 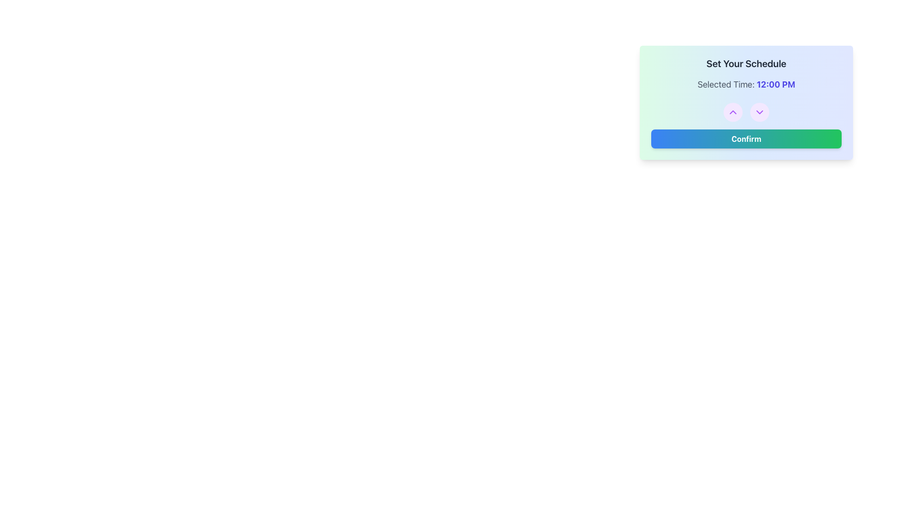 I want to click on the prominent text label displaying 'Set Your Schedule', which is styled with a bold font and medium-large size, located at the top of the schedule-setting section, so click(x=746, y=64).